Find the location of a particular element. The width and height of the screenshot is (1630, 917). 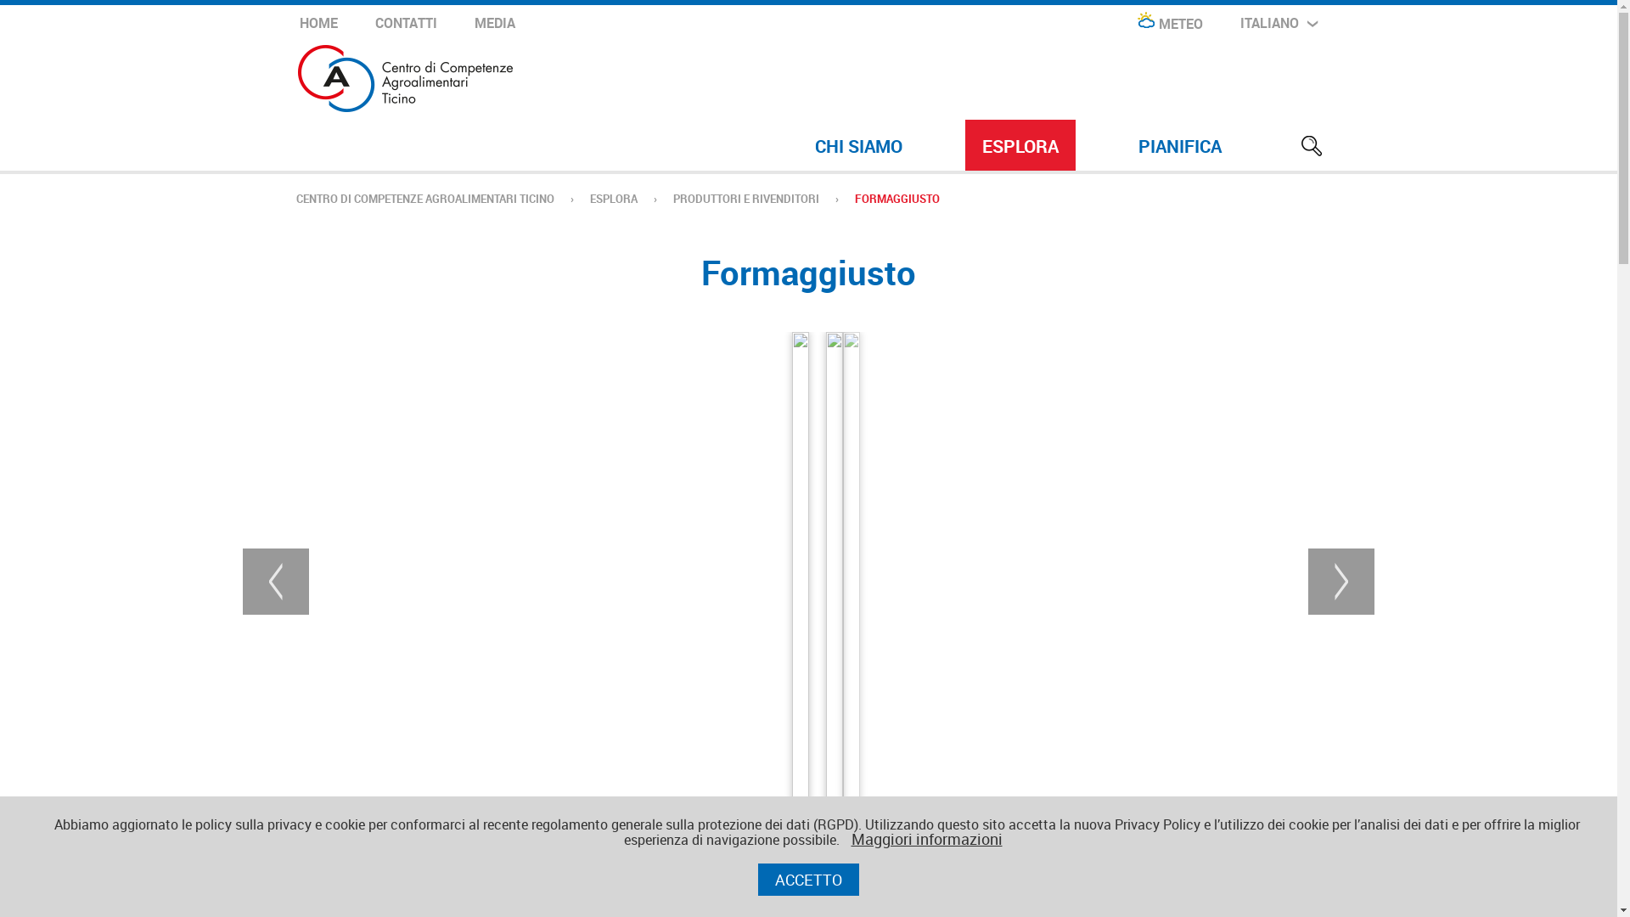

'CONTATTI' is located at coordinates (405, 23).